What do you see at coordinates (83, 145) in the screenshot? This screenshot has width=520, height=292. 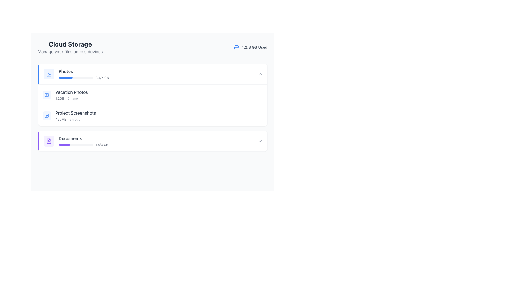 I see `displayed information from the Information display widget located beneath the title 'Documents' that visually conveys the amount of document storage used` at bounding box center [83, 145].